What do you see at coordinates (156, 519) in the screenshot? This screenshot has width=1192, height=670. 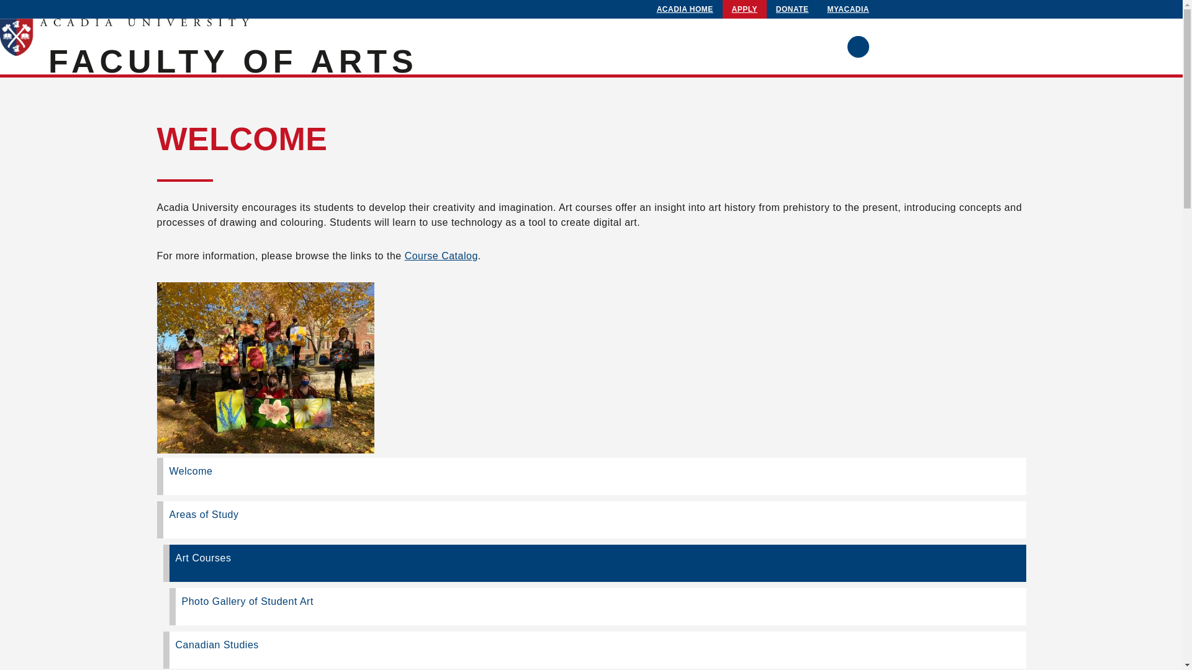 I see `'Areas of Study'` at bounding box center [156, 519].